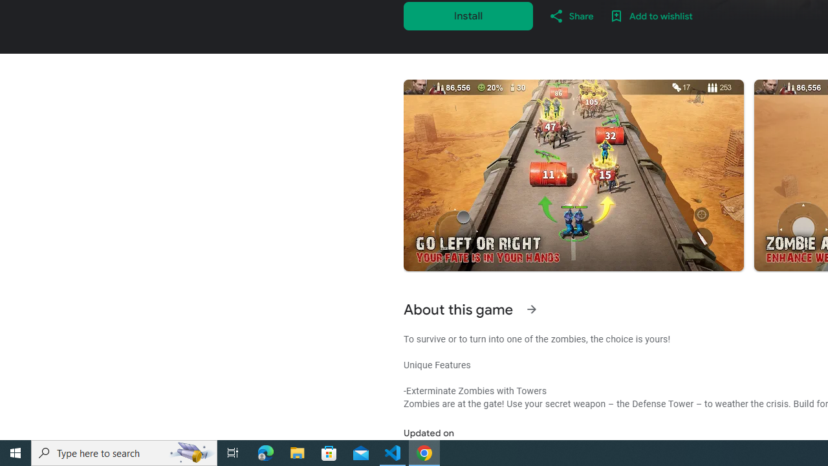 This screenshot has height=466, width=828. I want to click on 'Share', so click(569, 16).